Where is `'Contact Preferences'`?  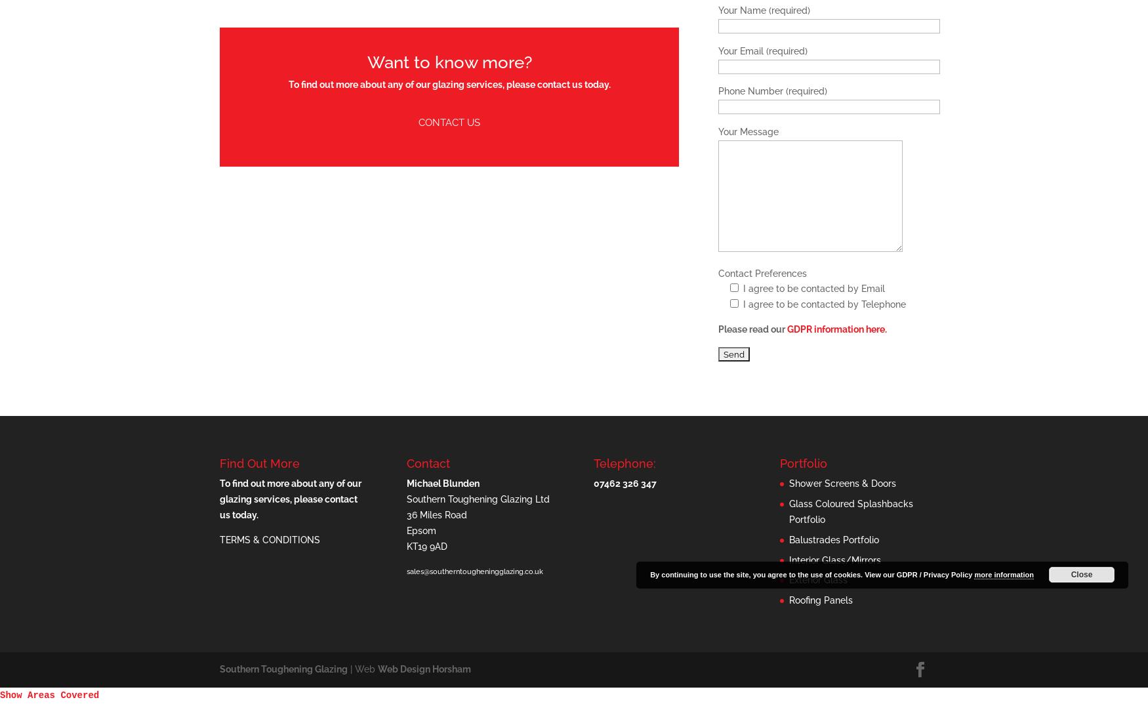 'Contact Preferences' is located at coordinates (717, 272).